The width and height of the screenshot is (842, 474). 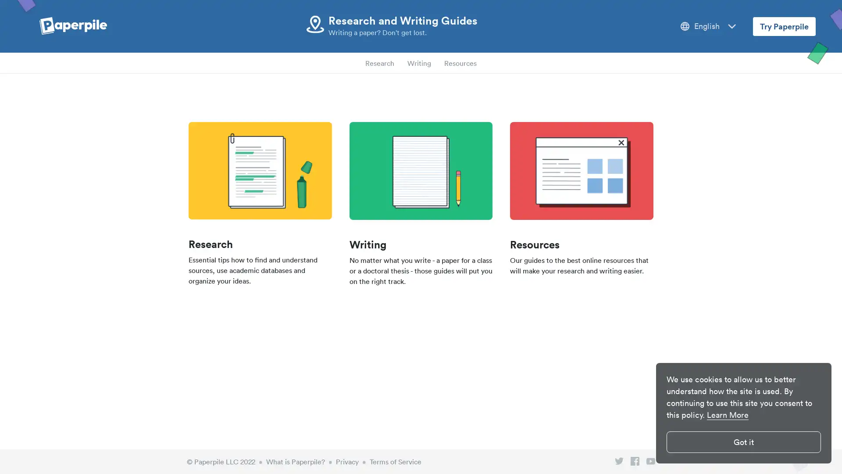 What do you see at coordinates (728, 415) in the screenshot?
I see `learn more about cookies` at bounding box center [728, 415].